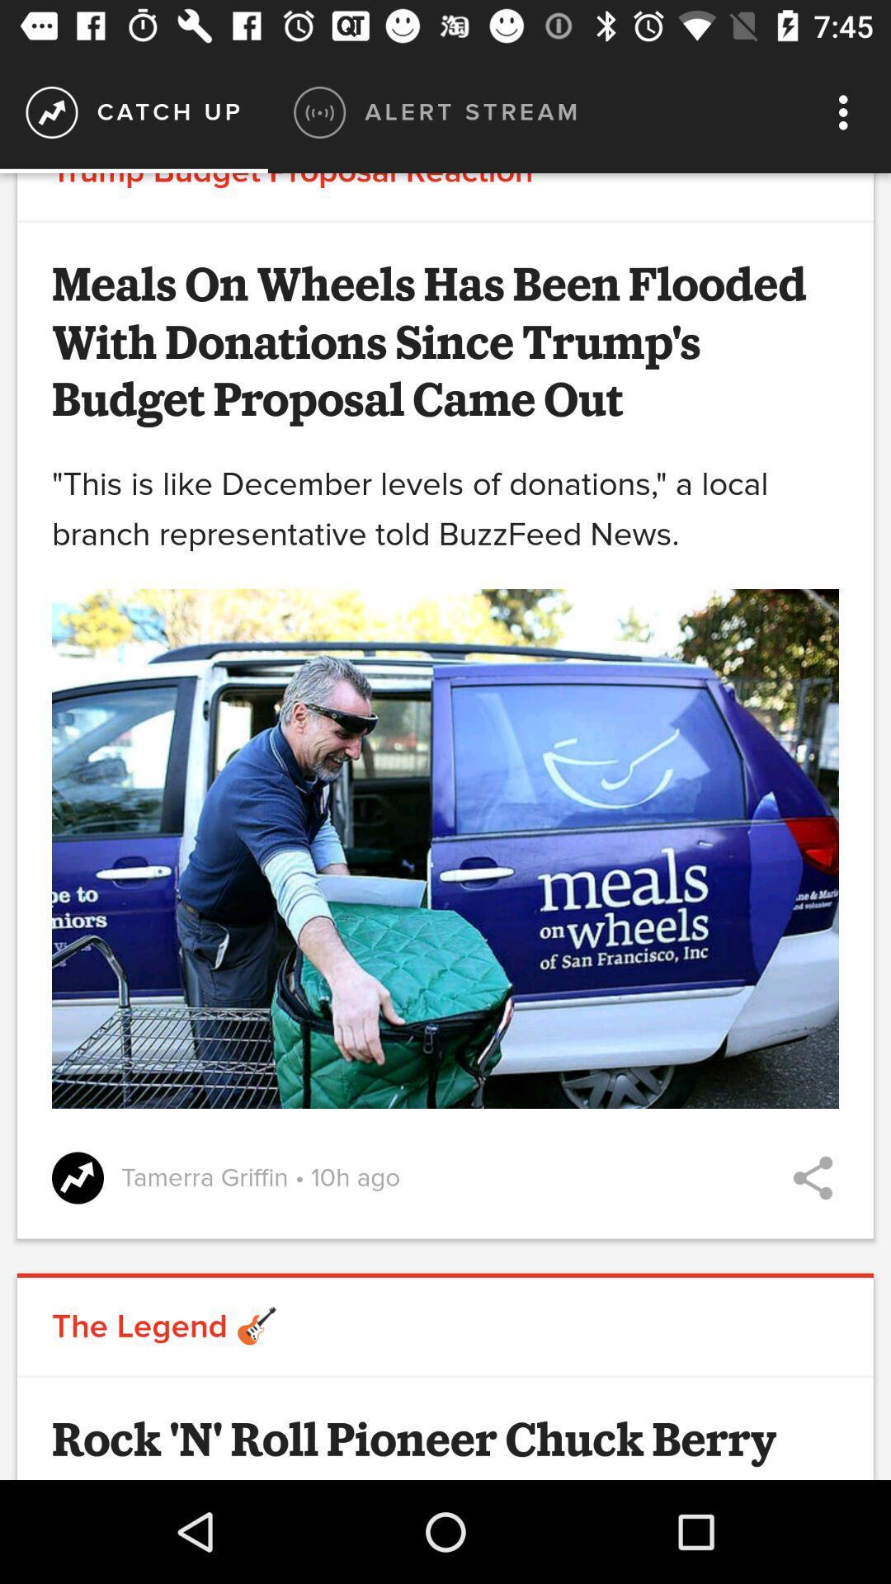 This screenshot has width=891, height=1584. Describe the element at coordinates (847, 111) in the screenshot. I see `item to the right of the alert stream icon` at that location.